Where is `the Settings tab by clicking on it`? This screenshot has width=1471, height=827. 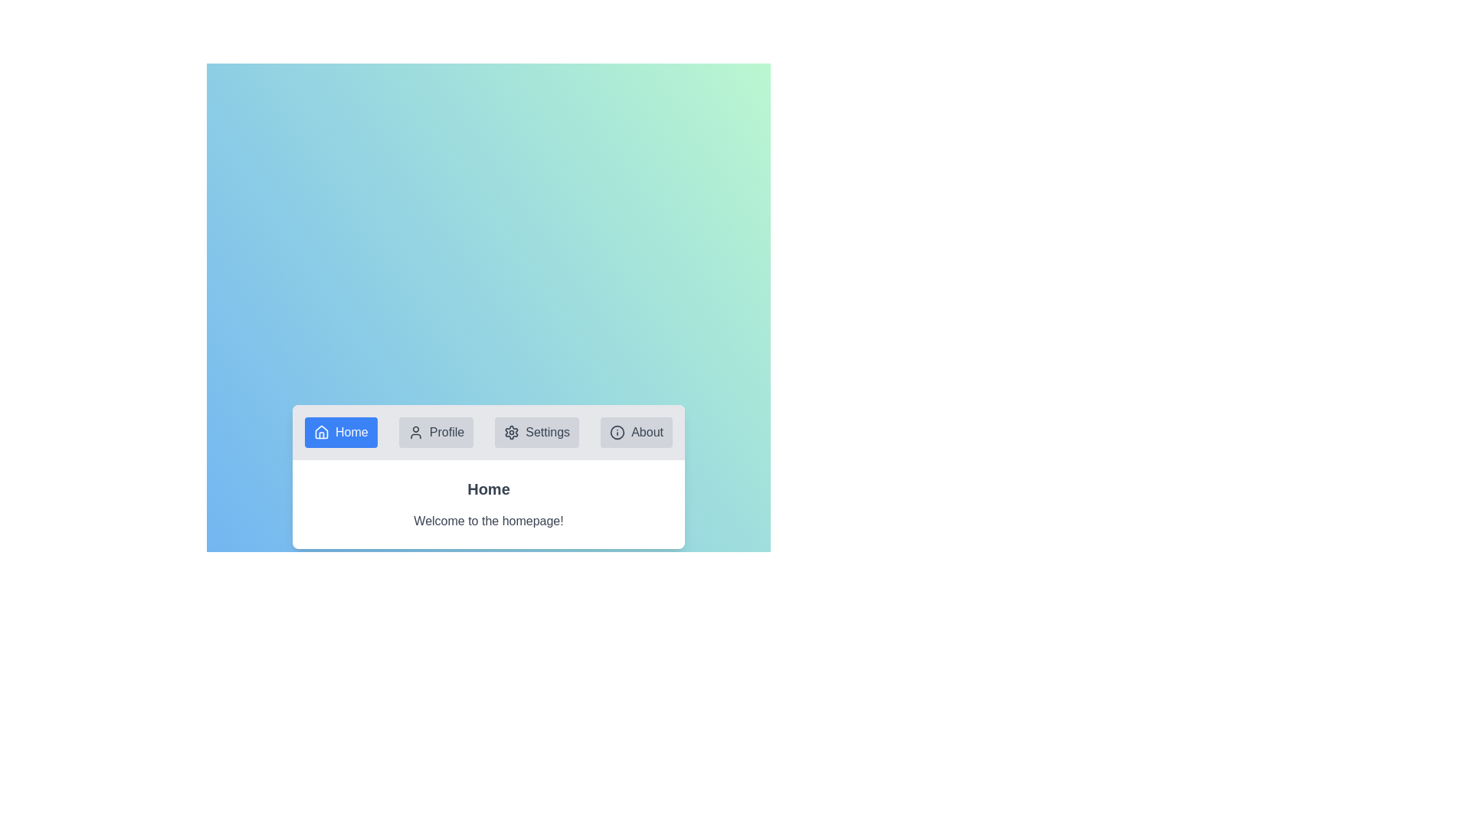
the Settings tab by clicking on it is located at coordinates (537, 432).